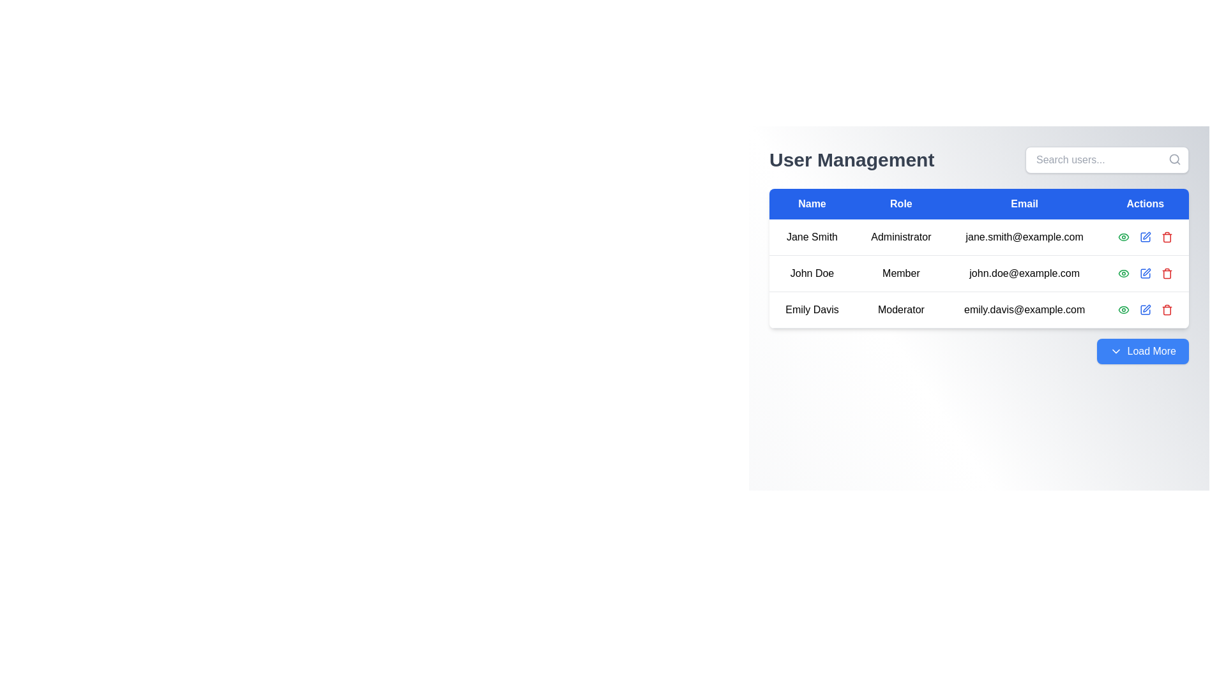 The image size is (1226, 689). What do you see at coordinates (1145, 204) in the screenshot?
I see `the text label displaying 'Actions' with a blue background and white text, located in the top-right corner of the table header row` at bounding box center [1145, 204].